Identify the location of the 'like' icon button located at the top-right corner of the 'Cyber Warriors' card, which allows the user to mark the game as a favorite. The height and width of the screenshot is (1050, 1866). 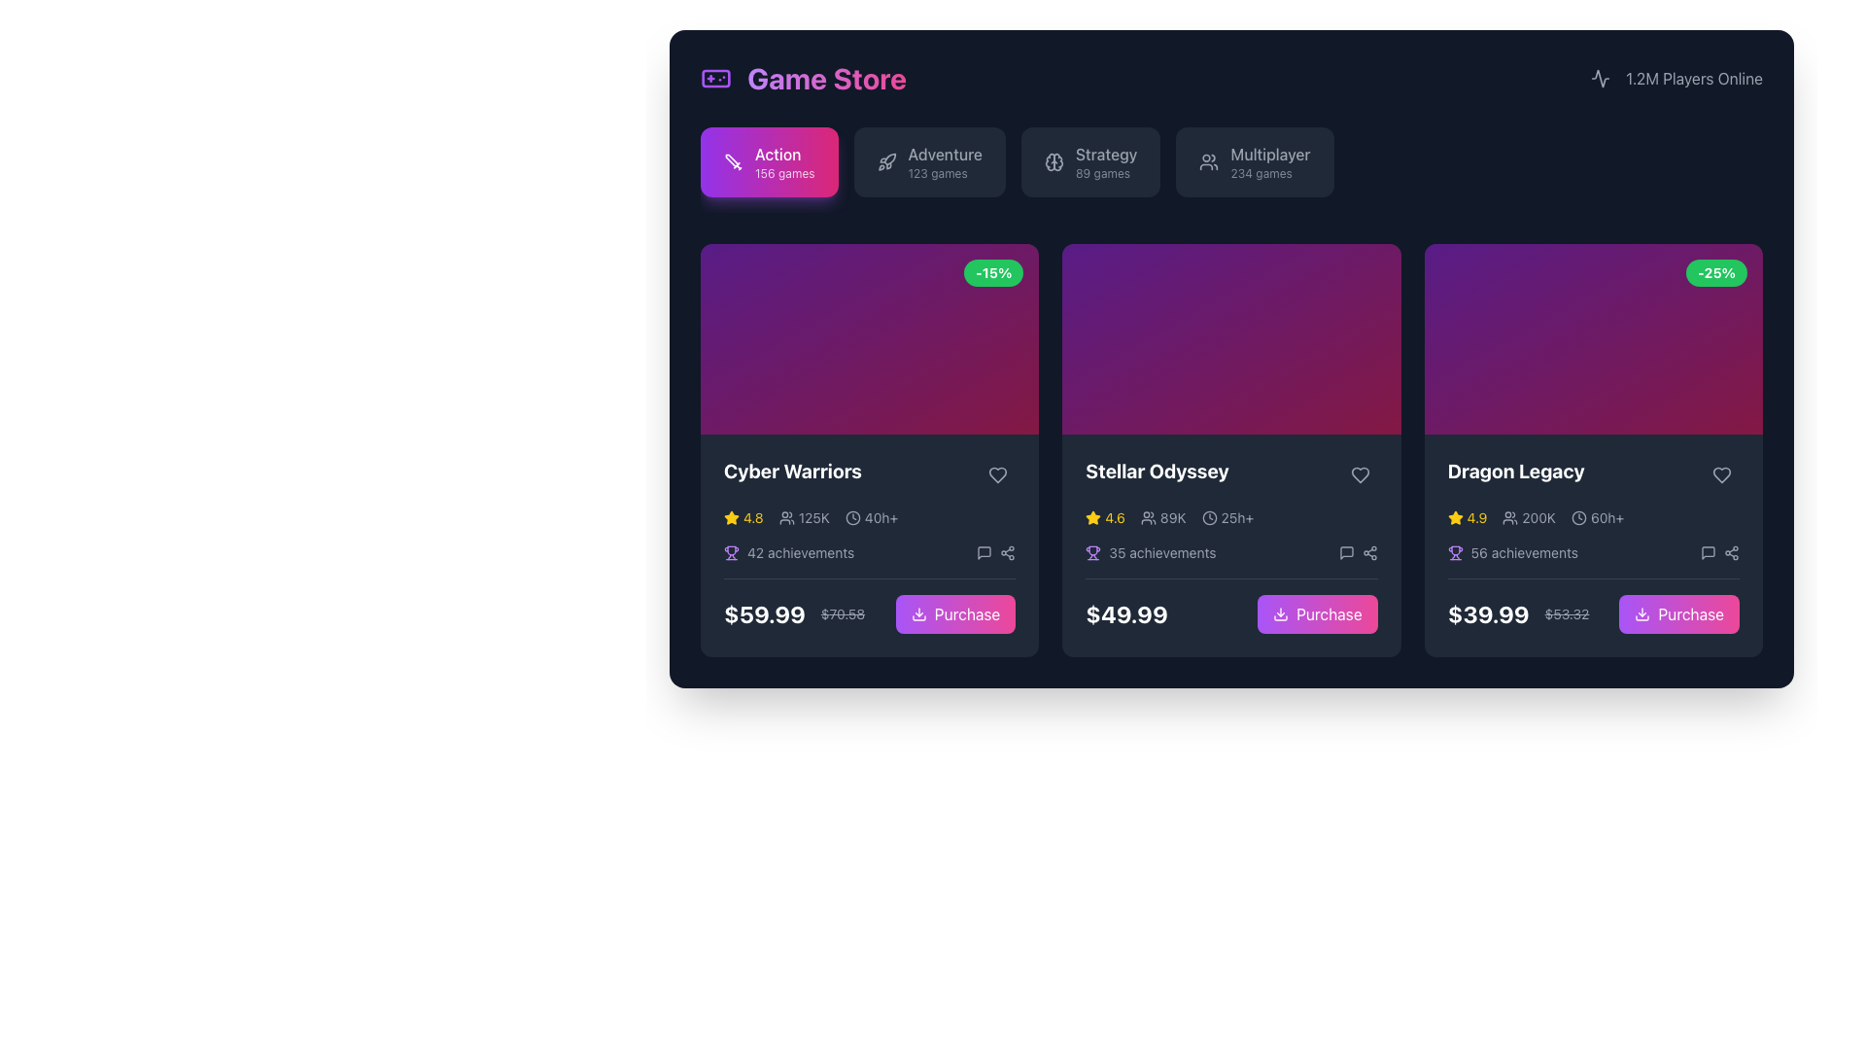
(998, 474).